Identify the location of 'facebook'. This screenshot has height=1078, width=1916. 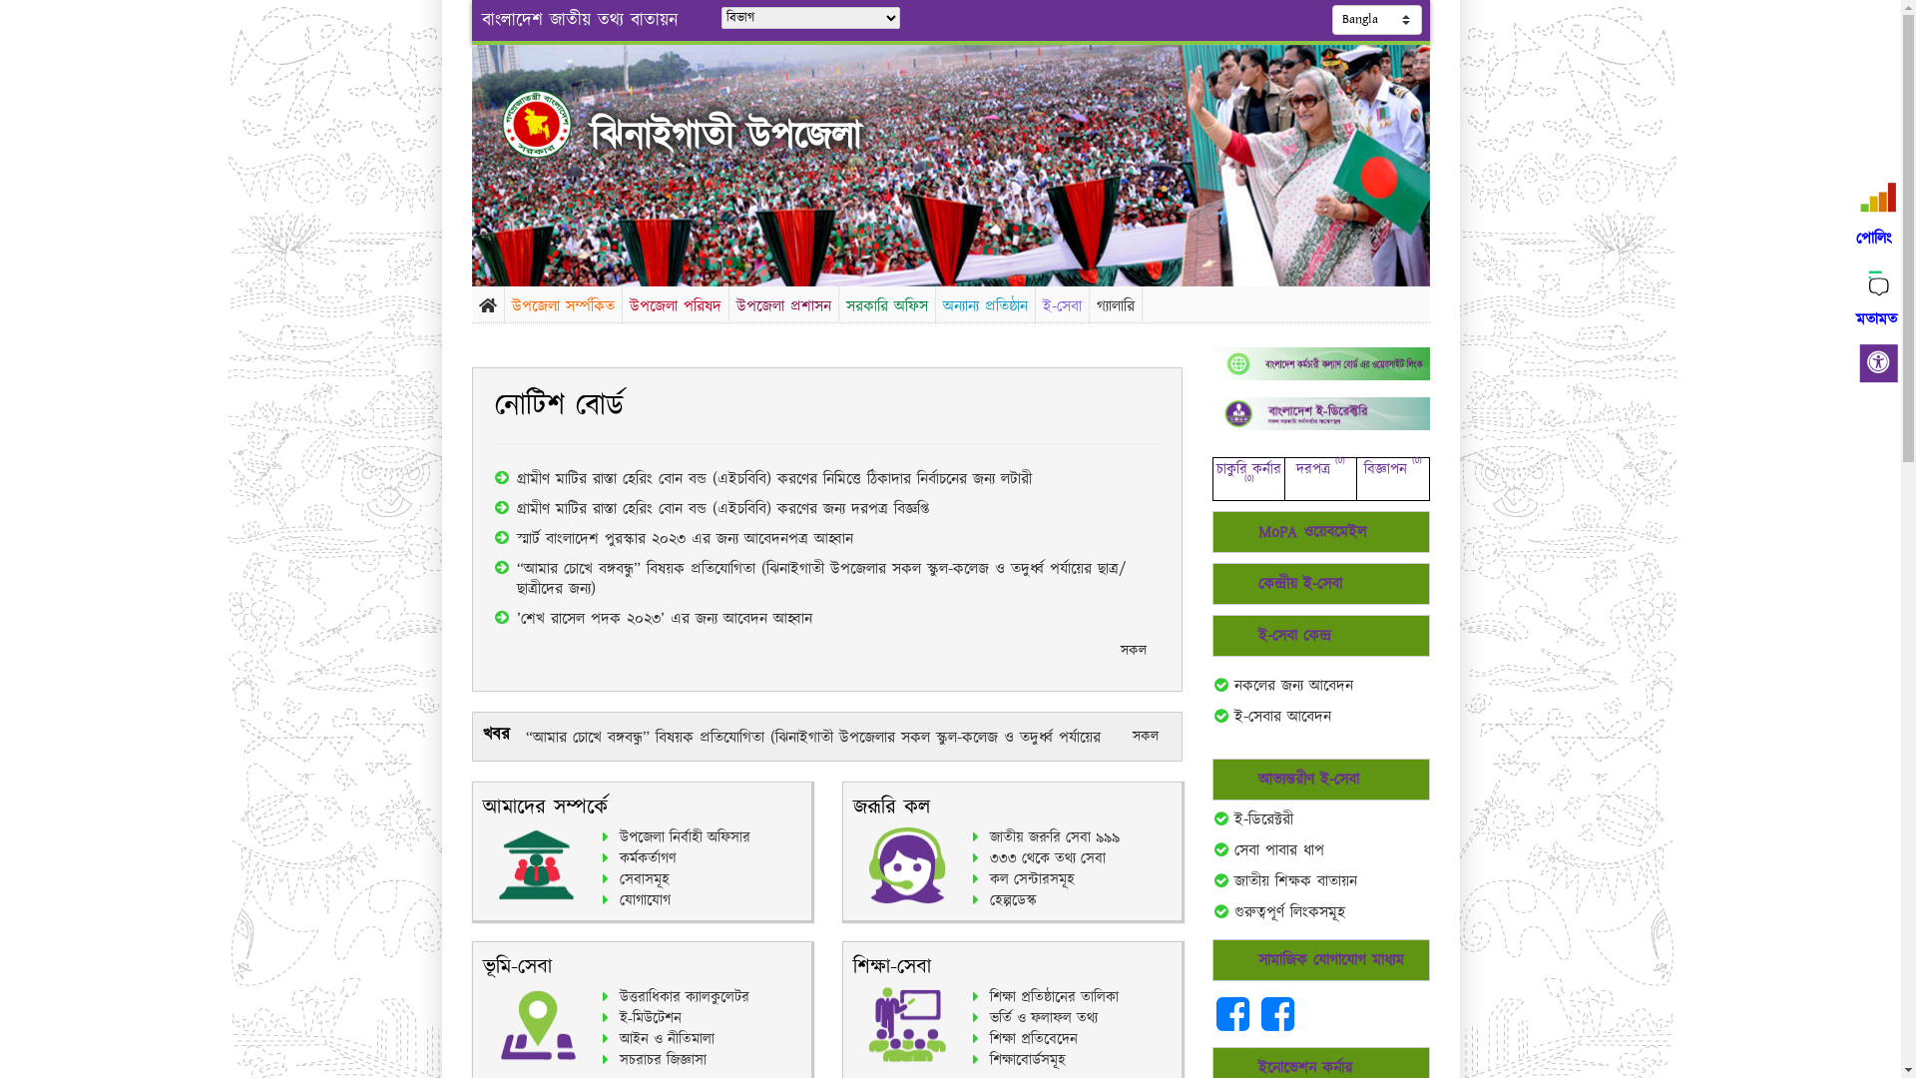
(1234, 1024).